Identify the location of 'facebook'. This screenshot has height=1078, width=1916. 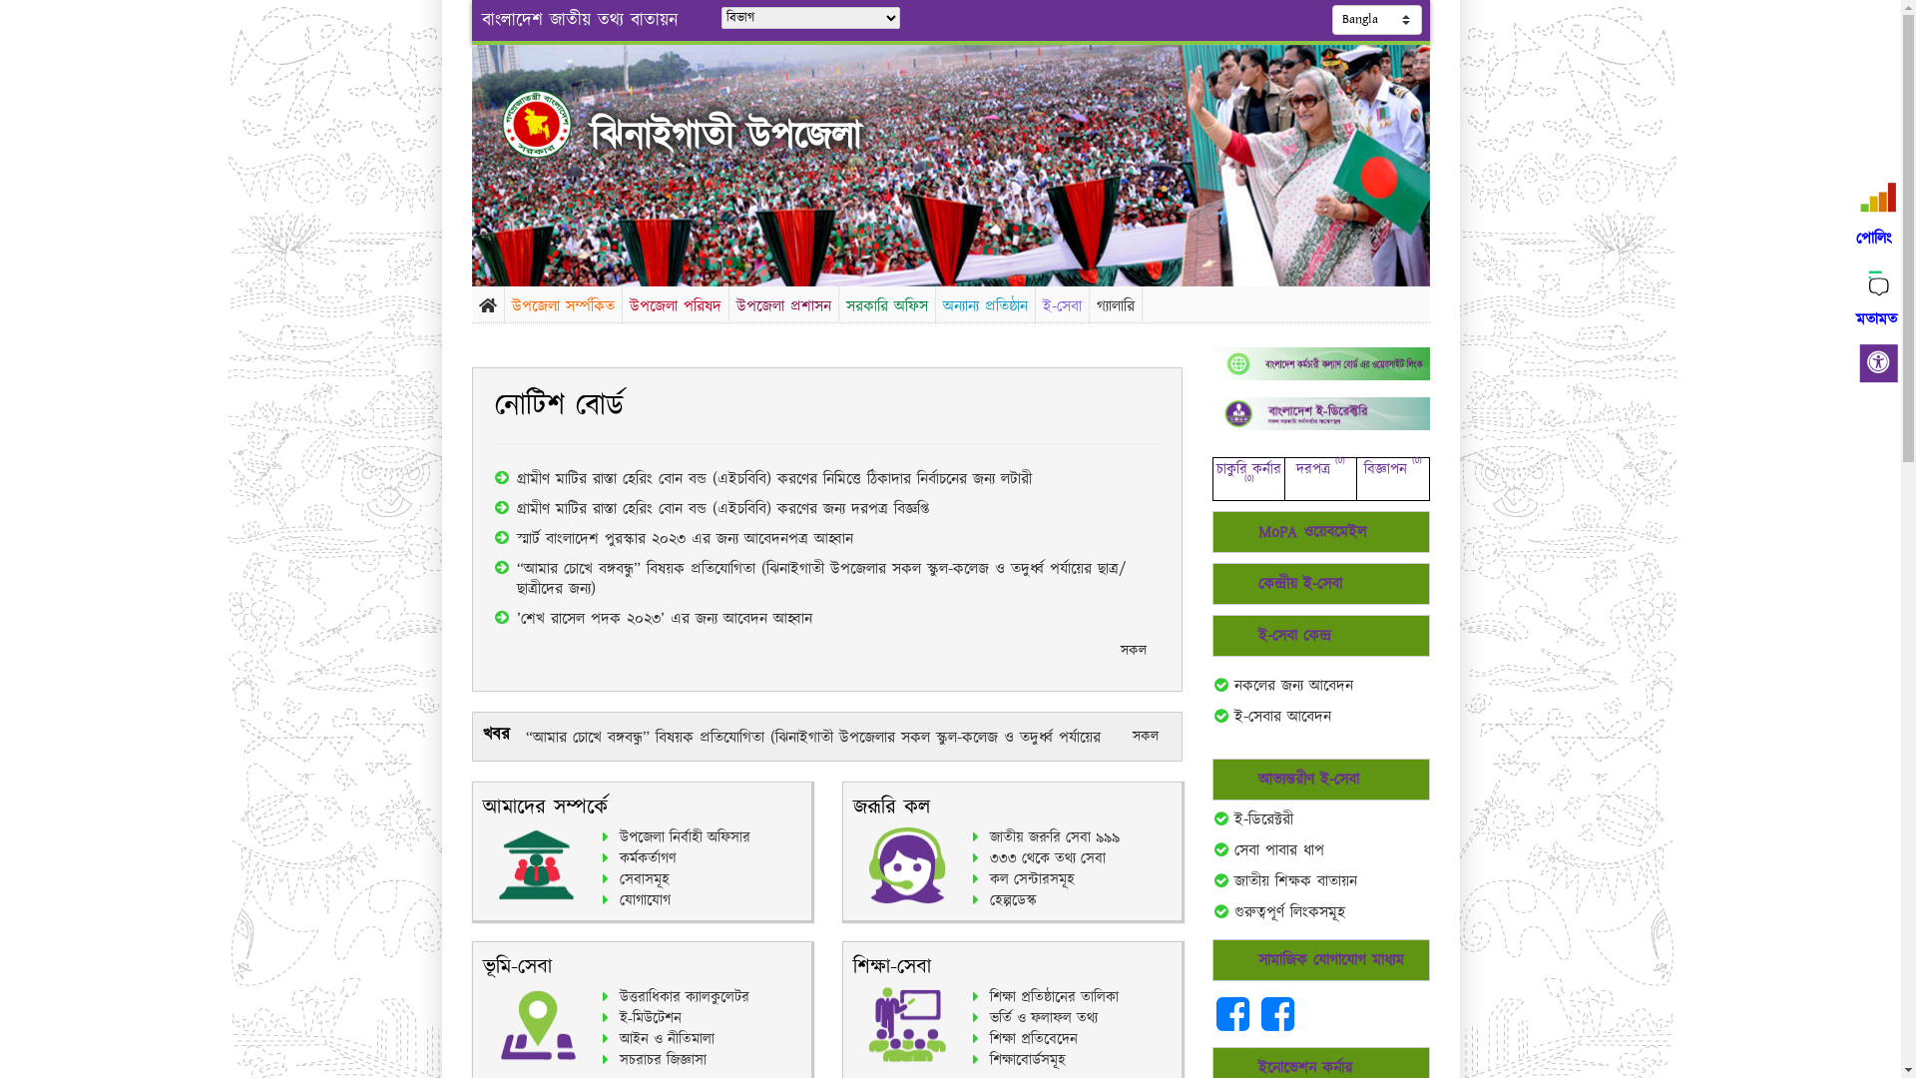
(1234, 1024).